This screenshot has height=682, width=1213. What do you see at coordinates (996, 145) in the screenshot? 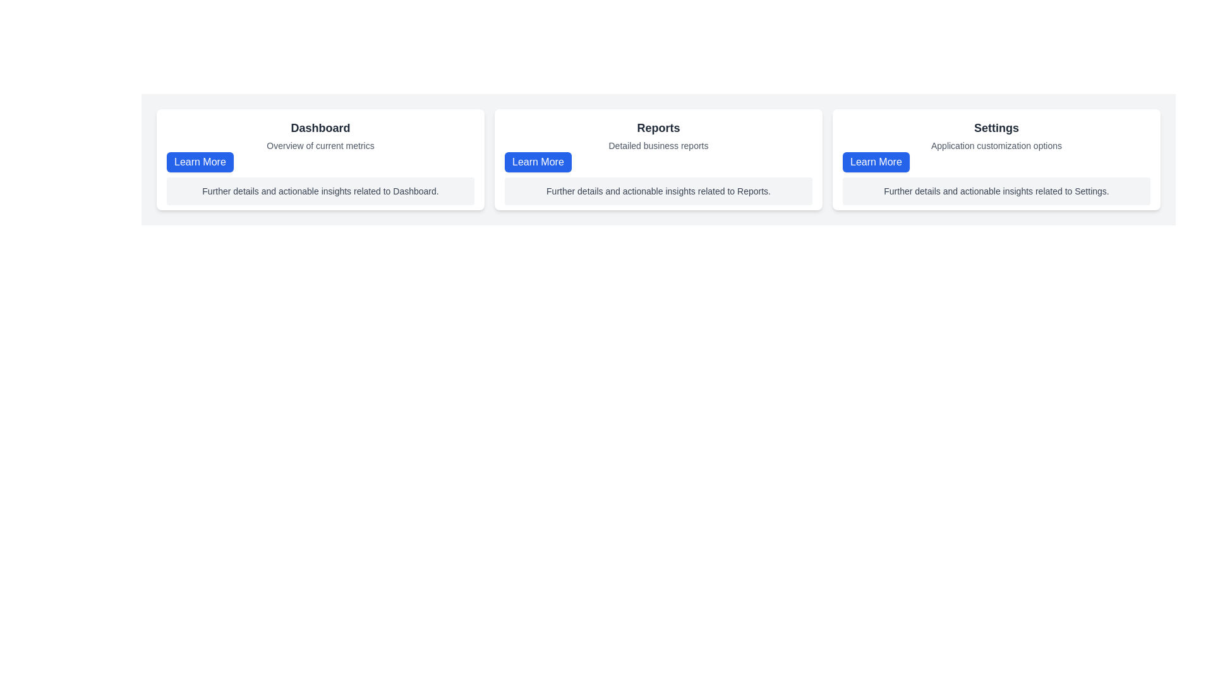
I see `descriptive text label located at the top-right section of the 'Settings' card, which summarizes the purpose or content of the settings` at bounding box center [996, 145].